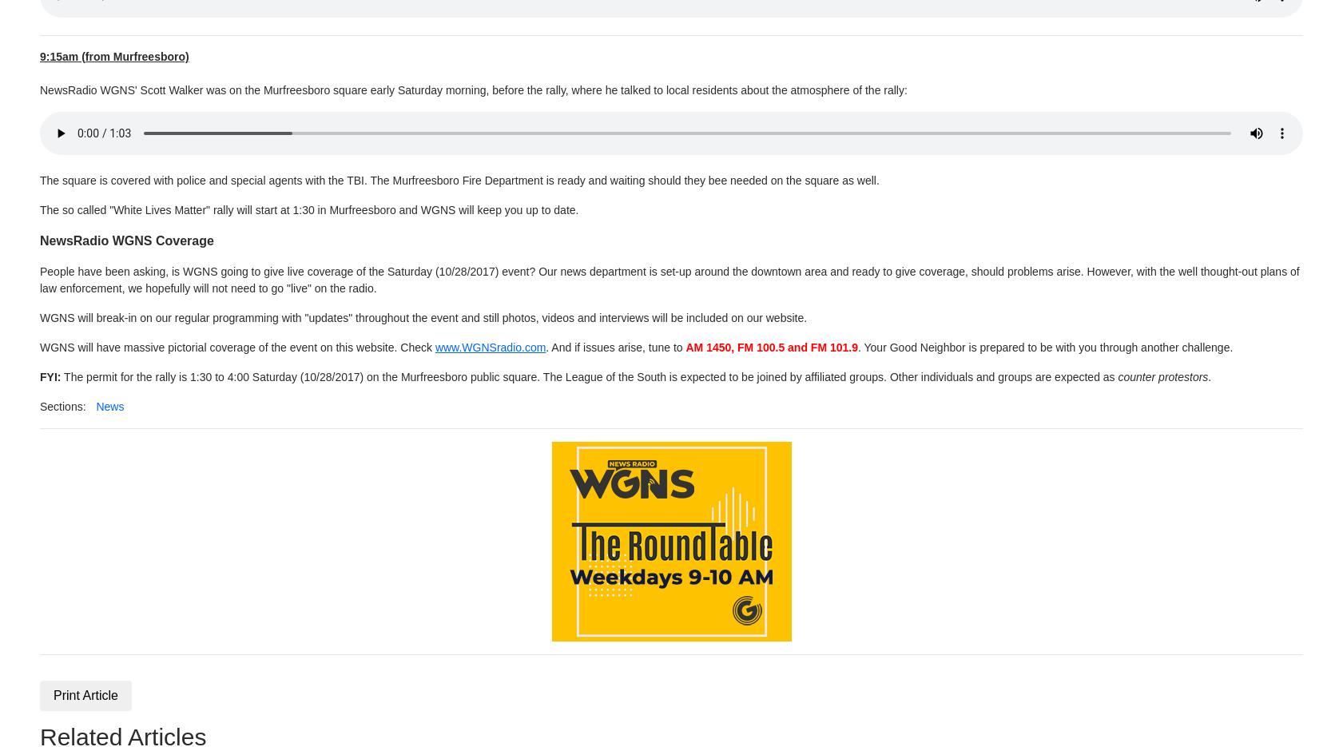 Image resolution: width=1343 pixels, height=747 pixels. What do you see at coordinates (113, 56) in the screenshot?
I see `'9:15am (from Murfreesboro)'` at bounding box center [113, 56].